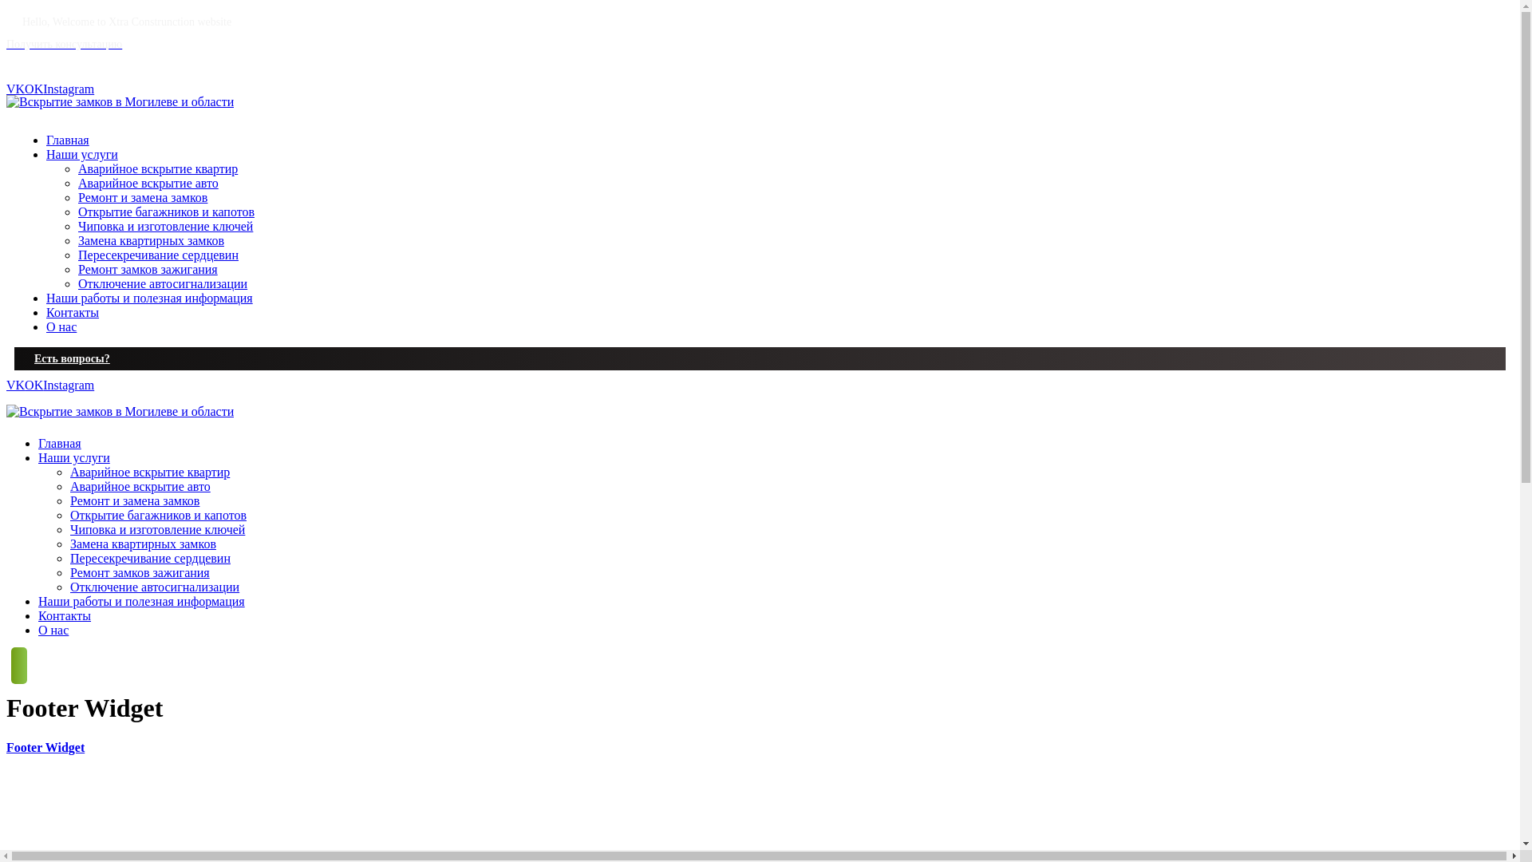 The height and width of the screenshot is (862, 1532). What do you see at coordinates (15, 89) in the screenshot?
I see `'VK'` at bounding box center [15, 89].